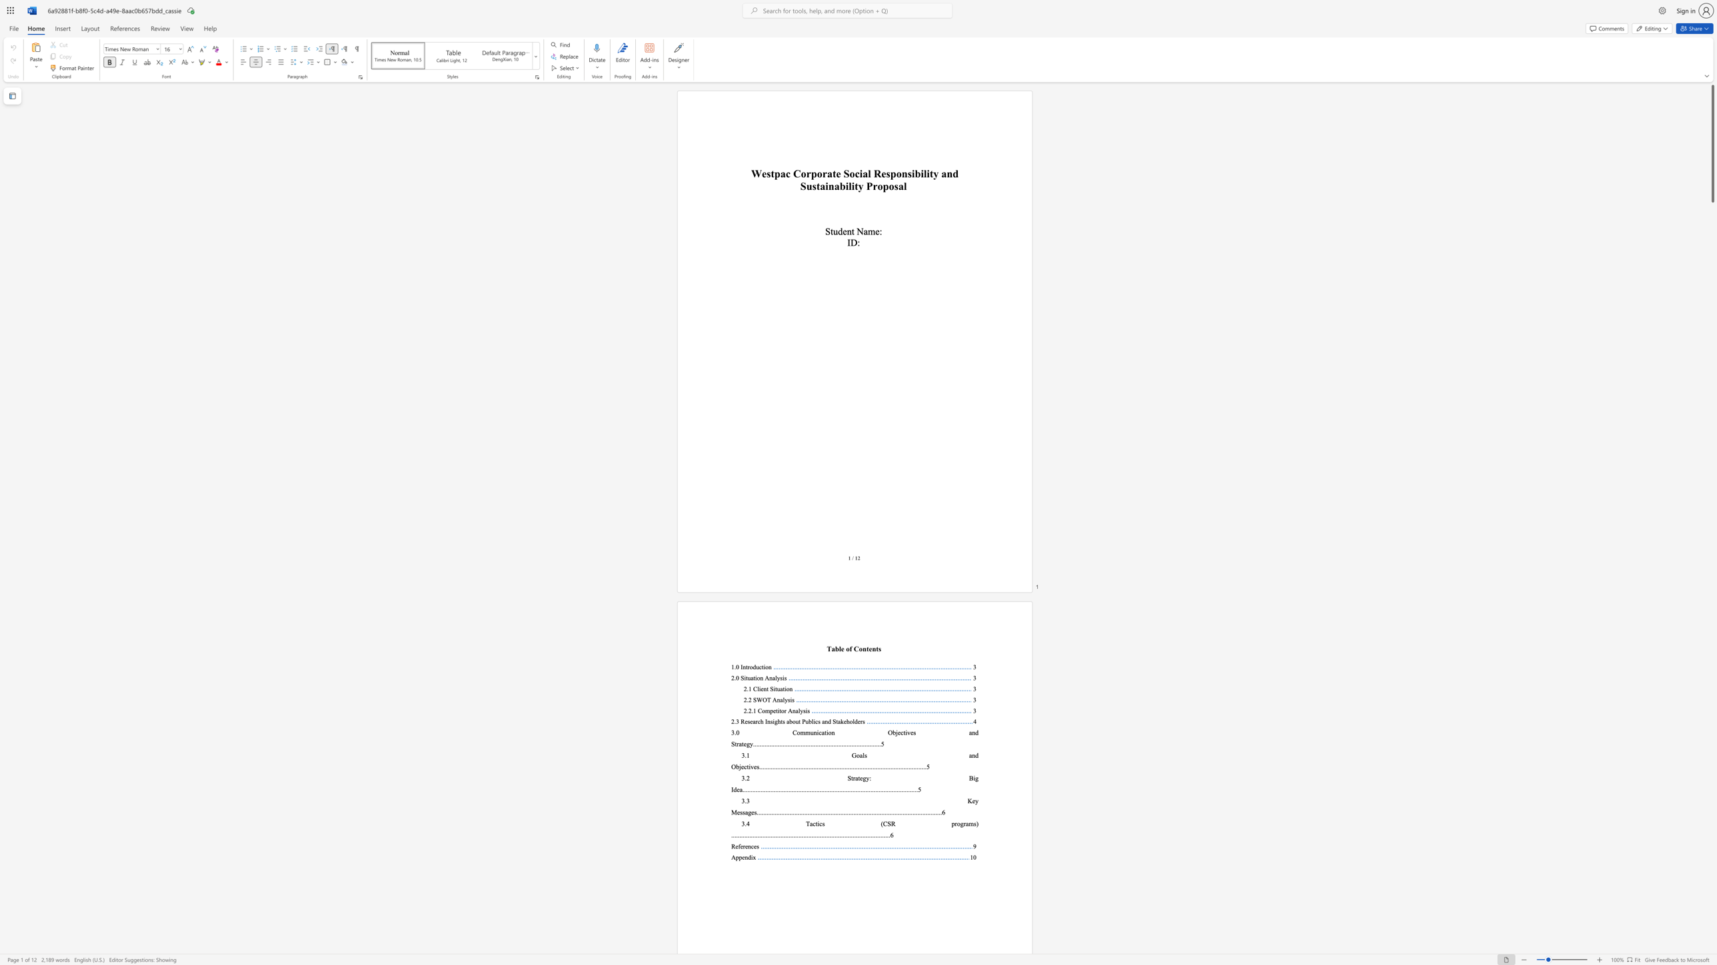  I want to click on the 24th character "." in the text, so click(925, 766).